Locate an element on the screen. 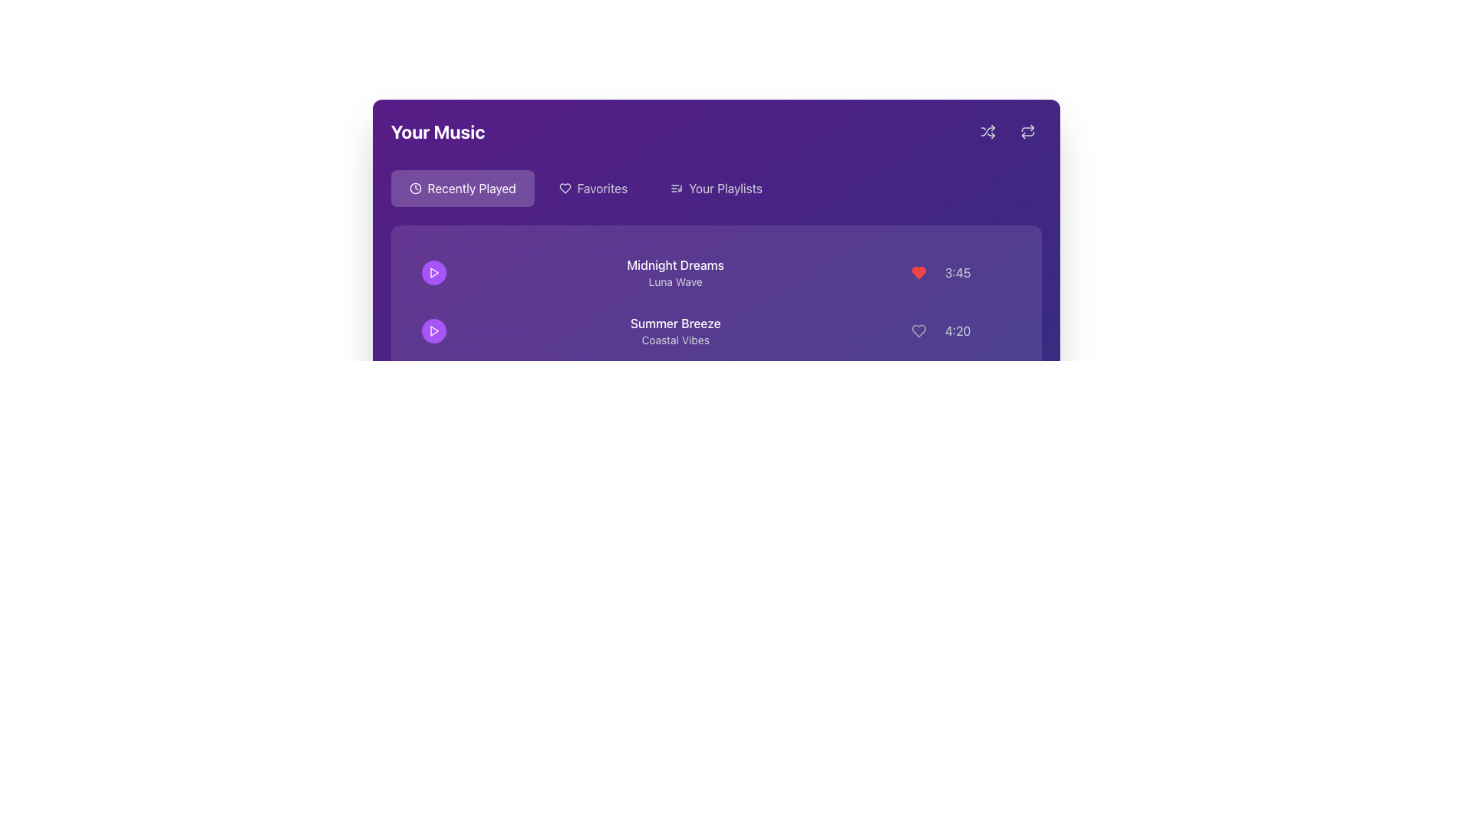 The width and height of the screenshot is (1473, 828). the interactive heart icon button located in the rightmost section of the 'Midnight Dreams' item in the song list to receive interaction feedback is located at coordinates (918, 271).